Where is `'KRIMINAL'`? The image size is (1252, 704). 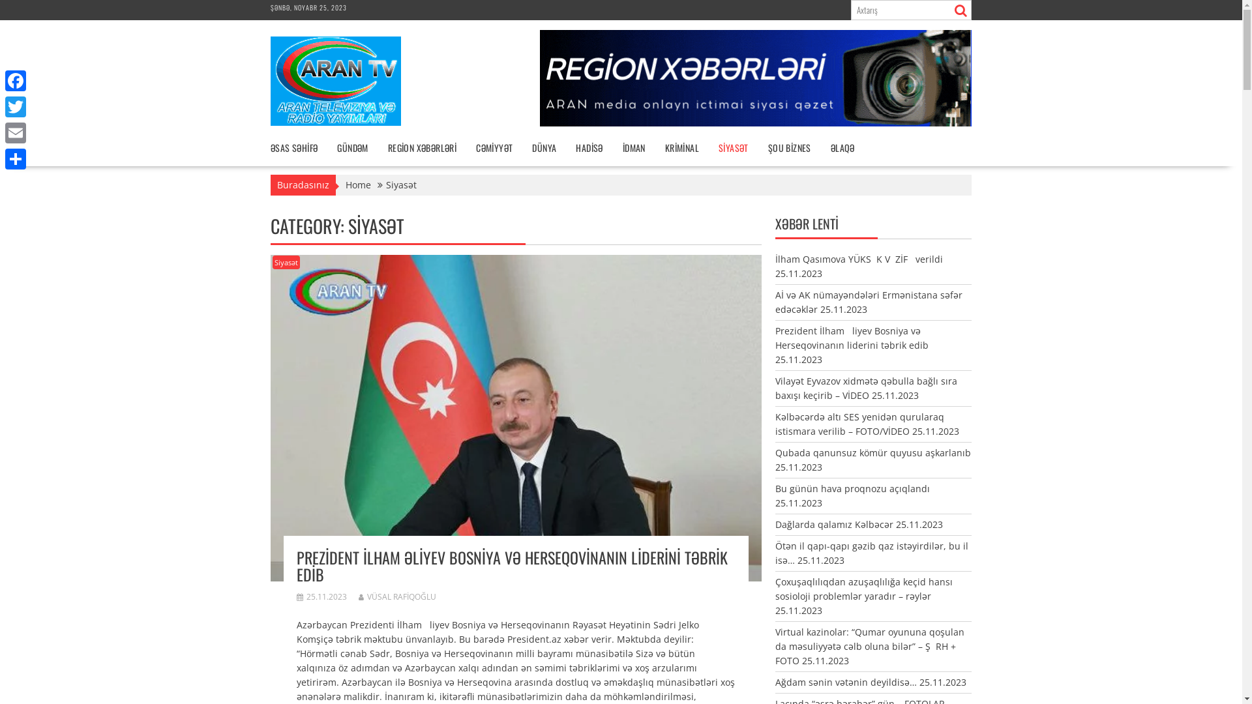 'KRIMINAL' is located at coordinates (655, 147).